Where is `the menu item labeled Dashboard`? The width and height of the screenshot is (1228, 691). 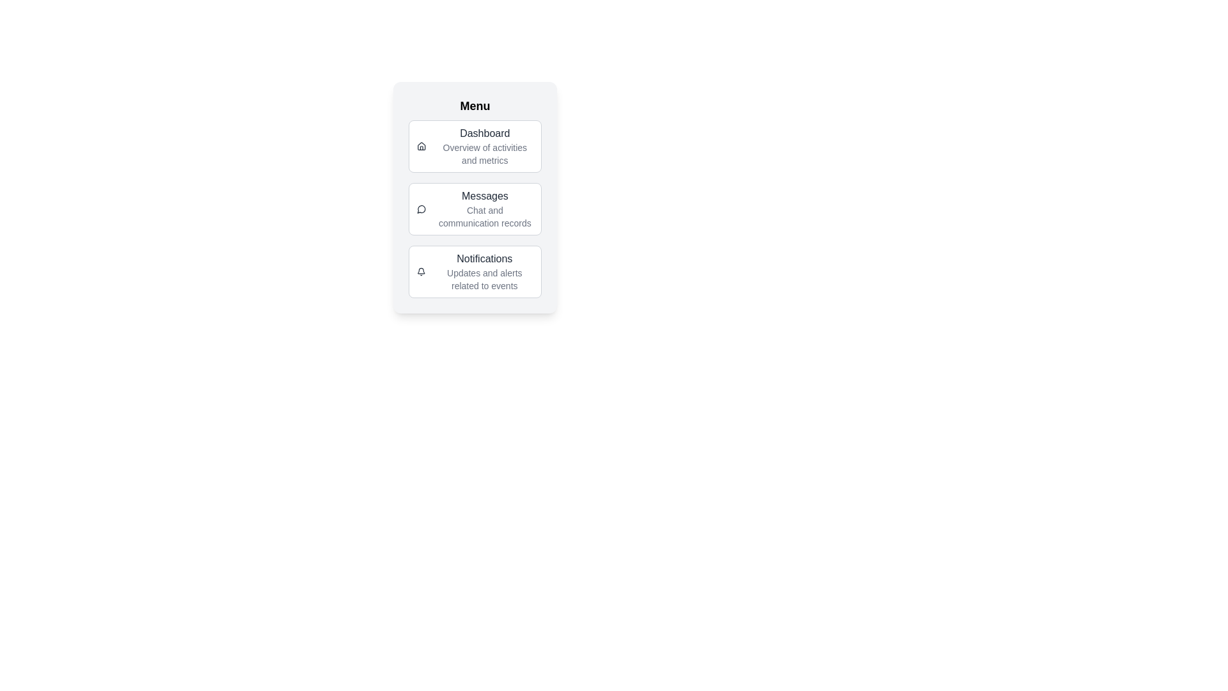
the menu item labeled Dashboard is located at coordinates (475, 145).